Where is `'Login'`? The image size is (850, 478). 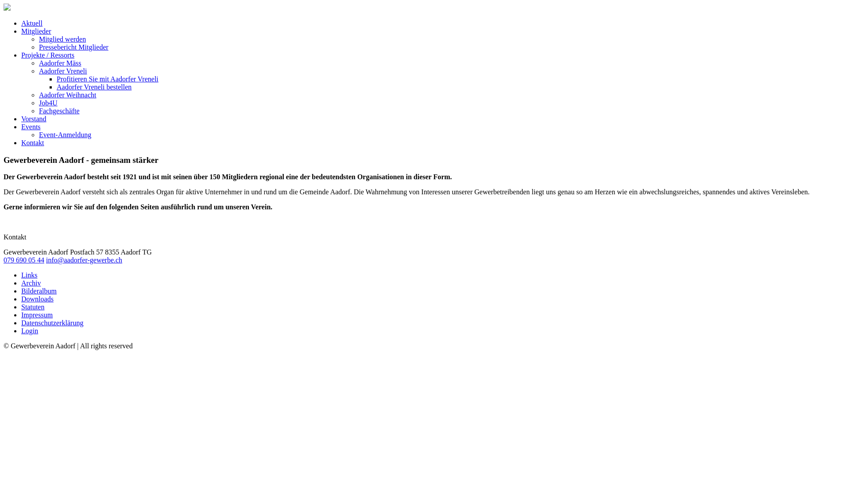 'Login' is located at coordinates (30, 331).